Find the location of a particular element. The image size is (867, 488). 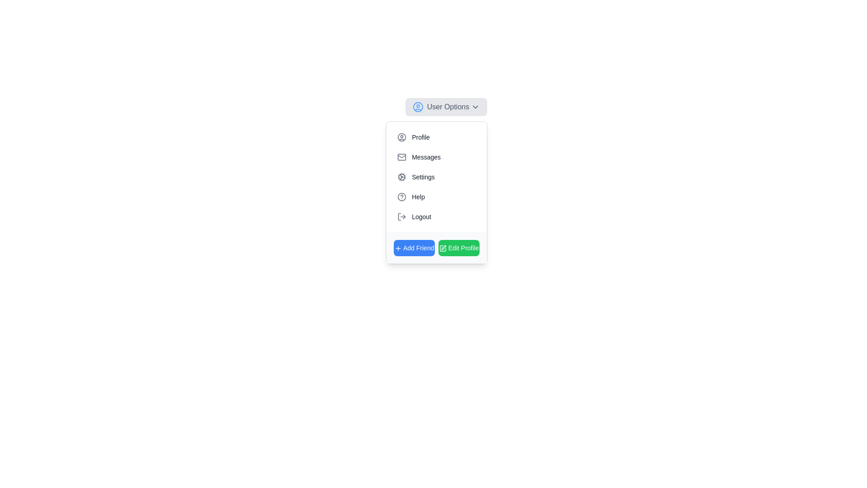

the area surrounding the user profile icon, which is a blue circular icon located to the left of the 'User Options' label, to interact with the dropdown menu is located at coordinates (417, 106).